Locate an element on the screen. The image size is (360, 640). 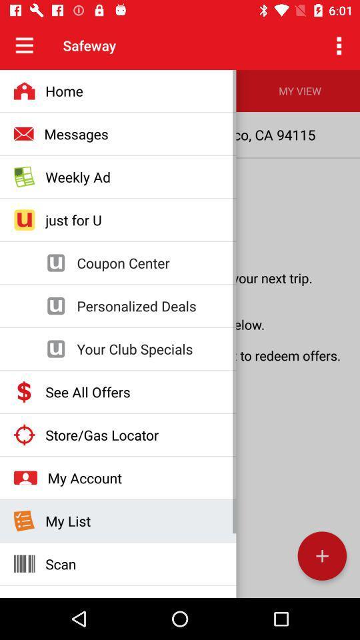
the add icon is located at coordinates (321, 555).